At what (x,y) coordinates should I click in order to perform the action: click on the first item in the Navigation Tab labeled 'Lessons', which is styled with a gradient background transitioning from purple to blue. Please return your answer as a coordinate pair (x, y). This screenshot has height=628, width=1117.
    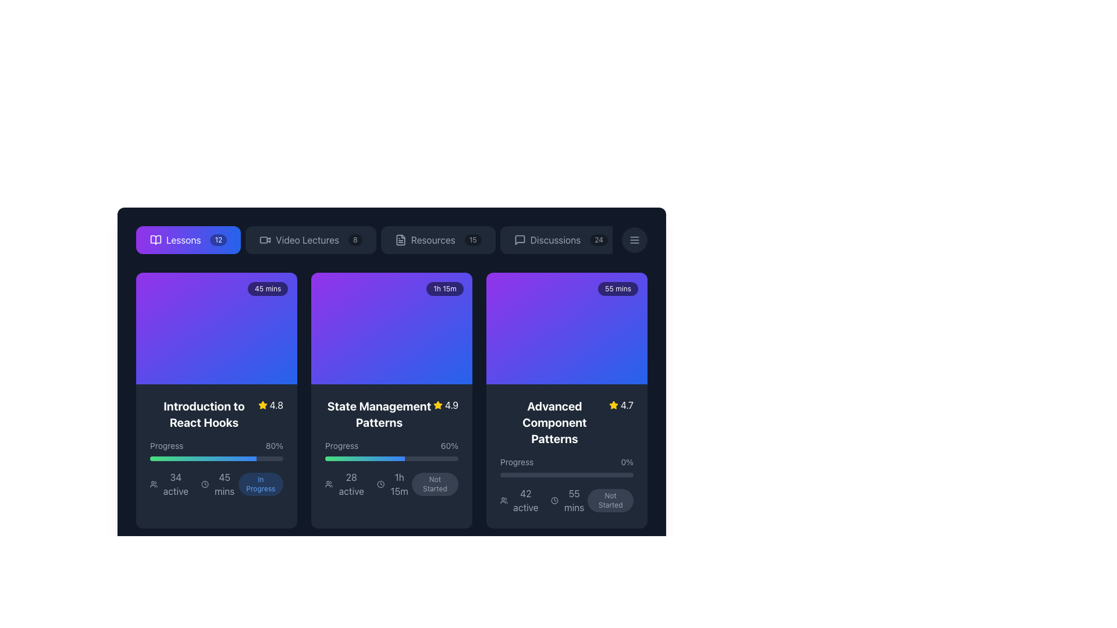
    Looking at the image, I should click on (374, 239).